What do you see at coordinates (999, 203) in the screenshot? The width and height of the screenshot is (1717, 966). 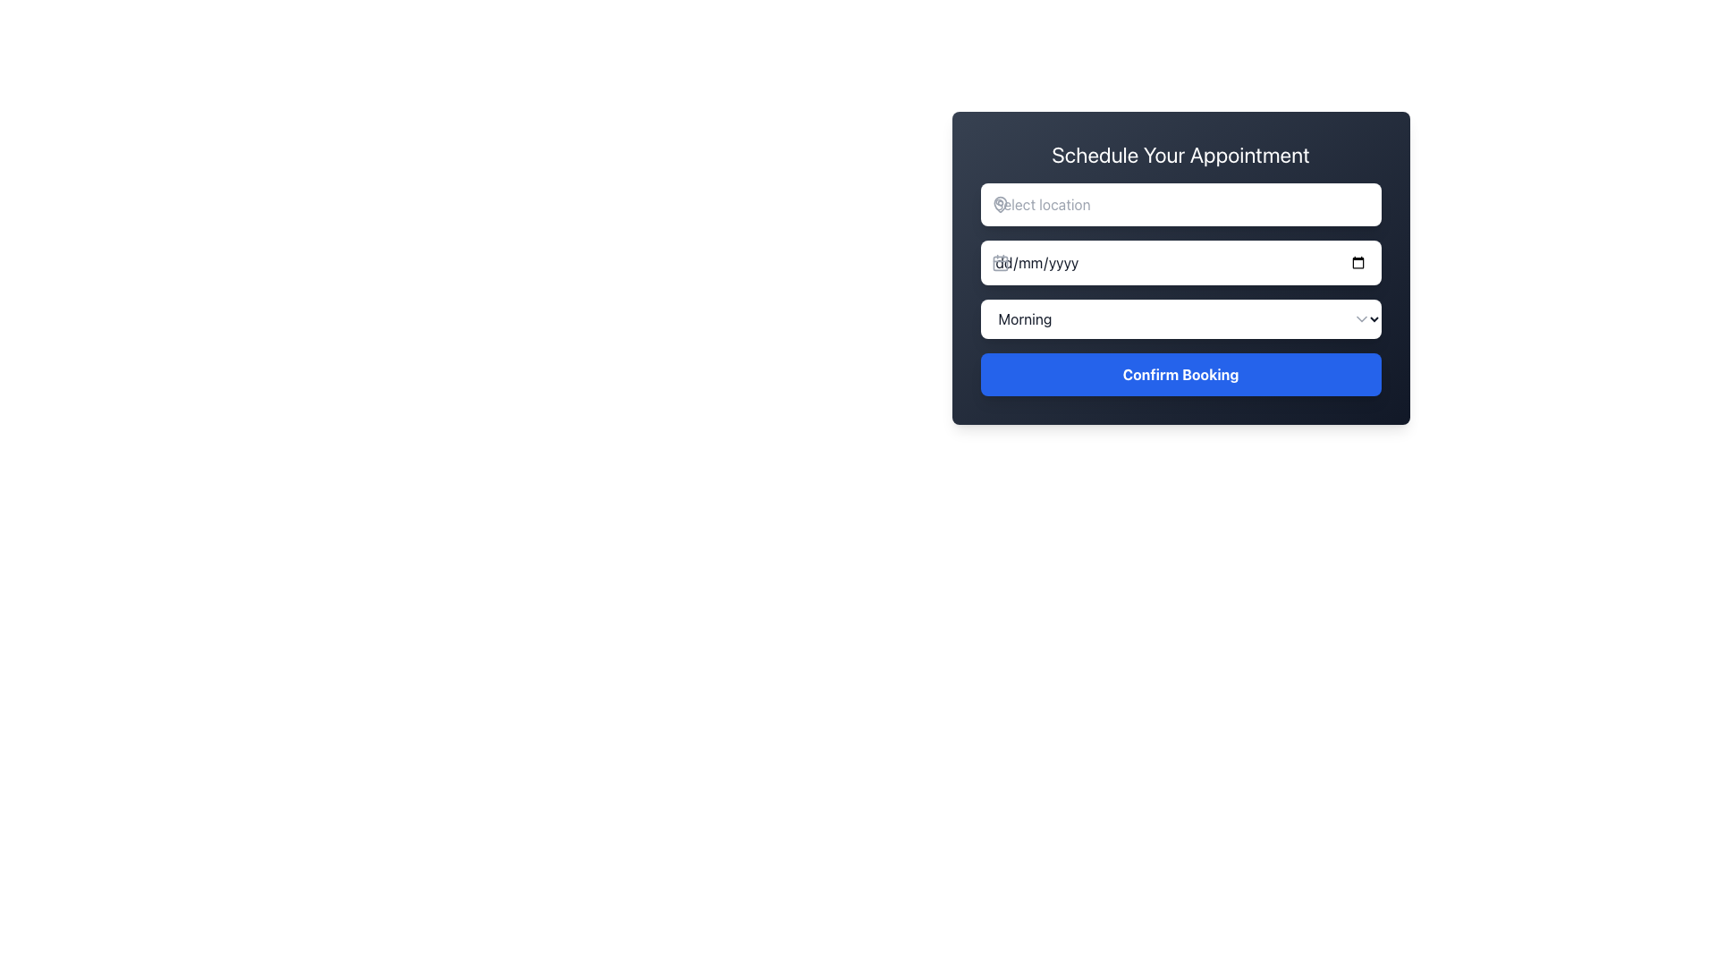 I see `the decorative map pin icon located in the input field for selecting a location, which is styled in gray with a rounded outline and a small circle inside` at bounding box center [999, 203].